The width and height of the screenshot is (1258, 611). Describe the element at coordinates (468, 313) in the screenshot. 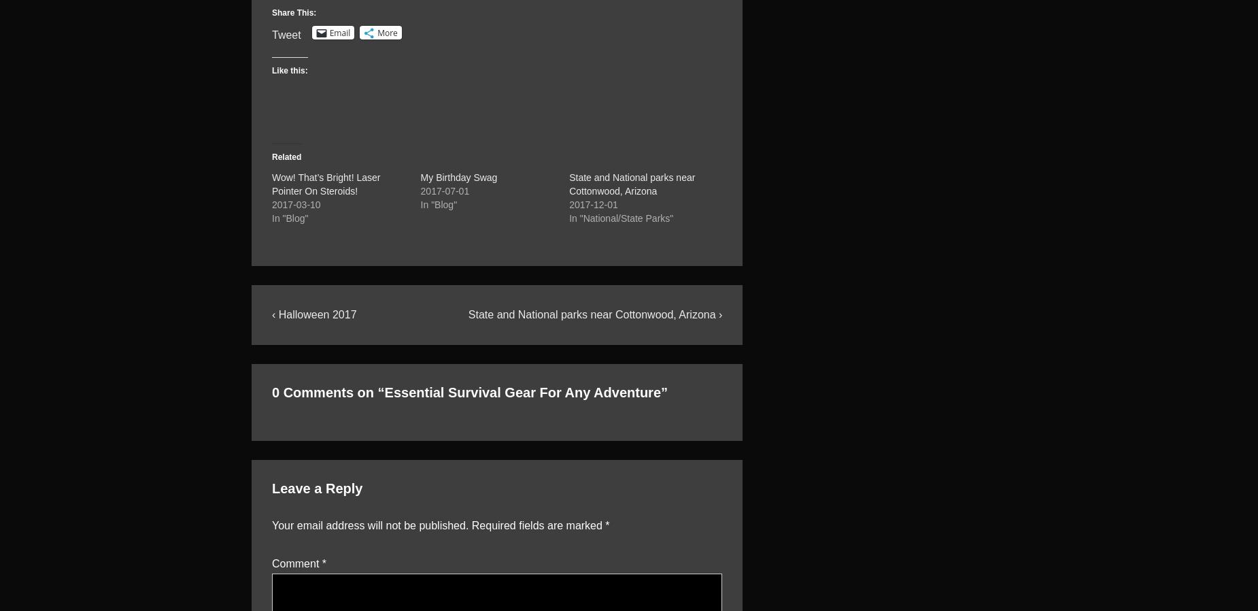

I see `'State and National parks near Cottonwood, Arizona ›'` at that location.